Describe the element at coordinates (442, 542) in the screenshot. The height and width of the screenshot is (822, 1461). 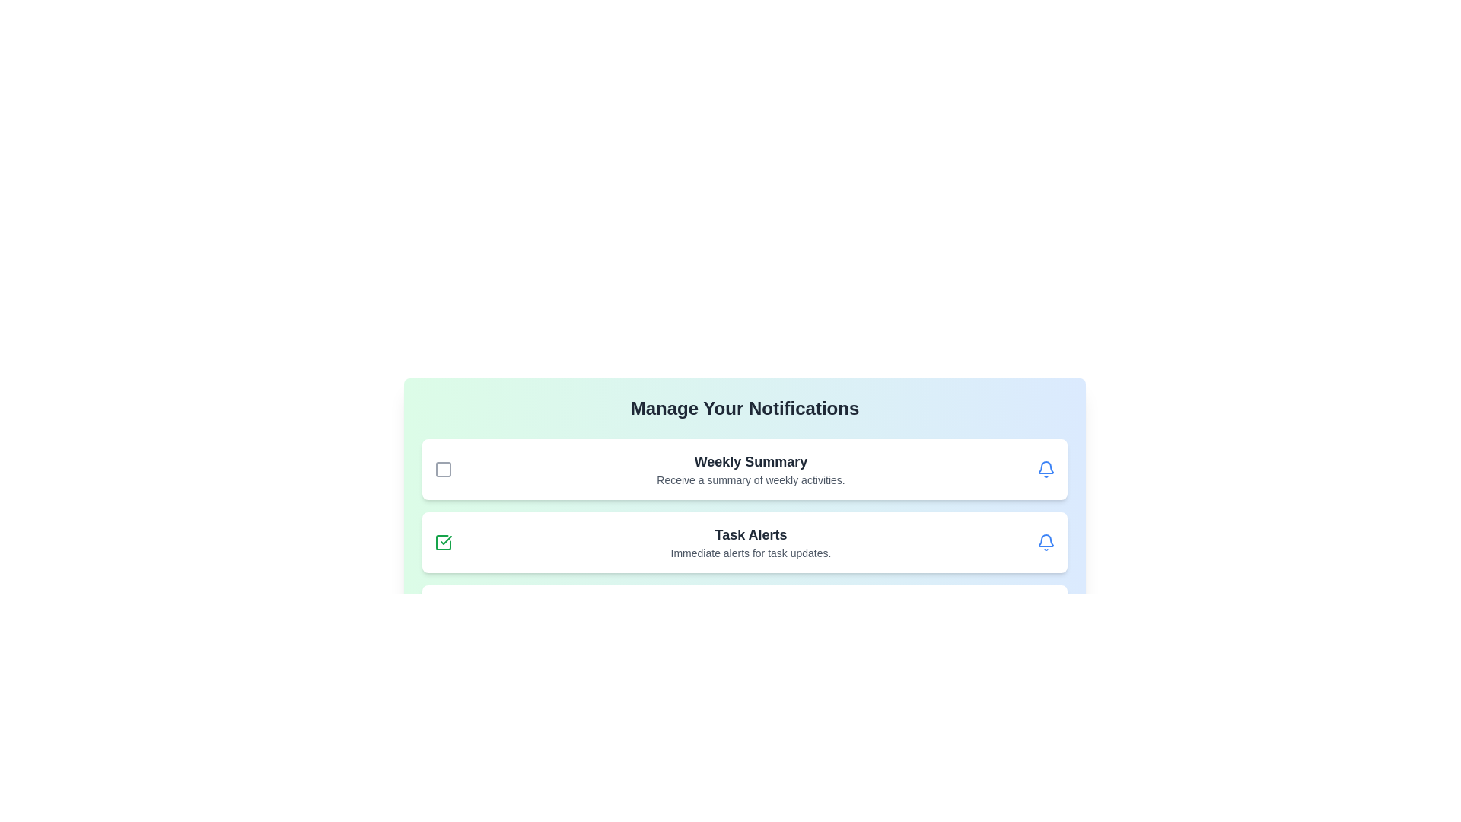
I see `the checkbox for task alerts located within the white card titled 'Task Alerts'` at that location.